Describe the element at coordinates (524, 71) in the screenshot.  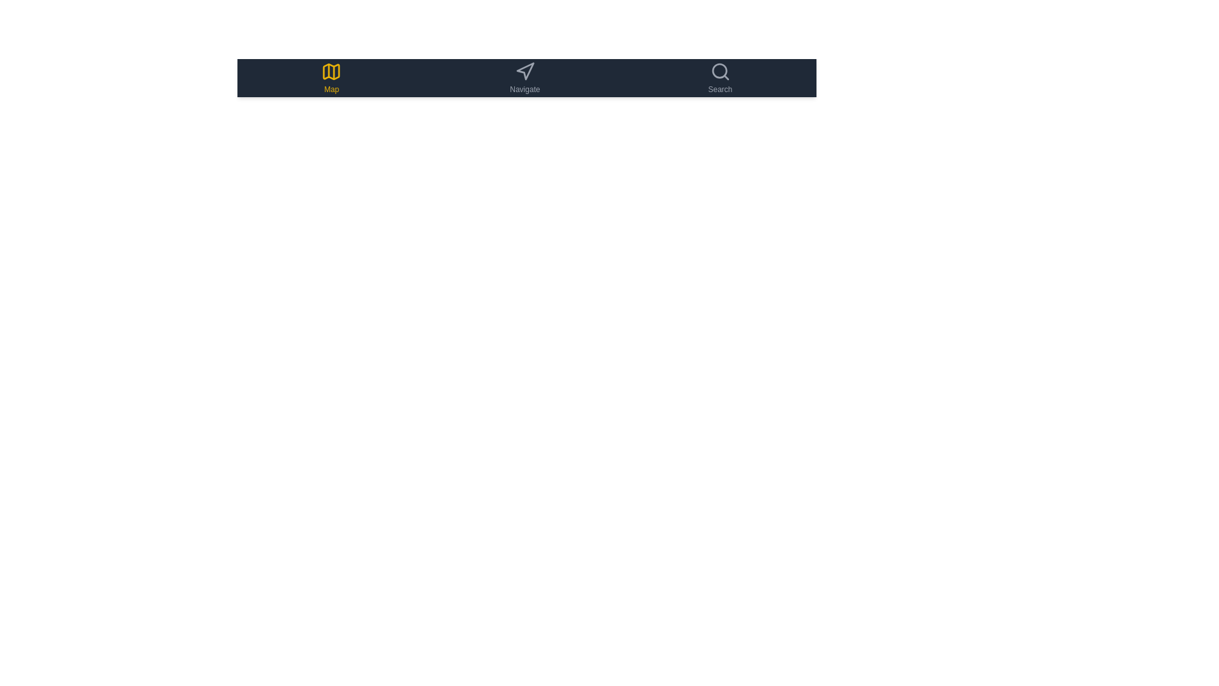
I see `the navigation icon located in the central part of the navigation bar above the text 'Navigate'` at that location.